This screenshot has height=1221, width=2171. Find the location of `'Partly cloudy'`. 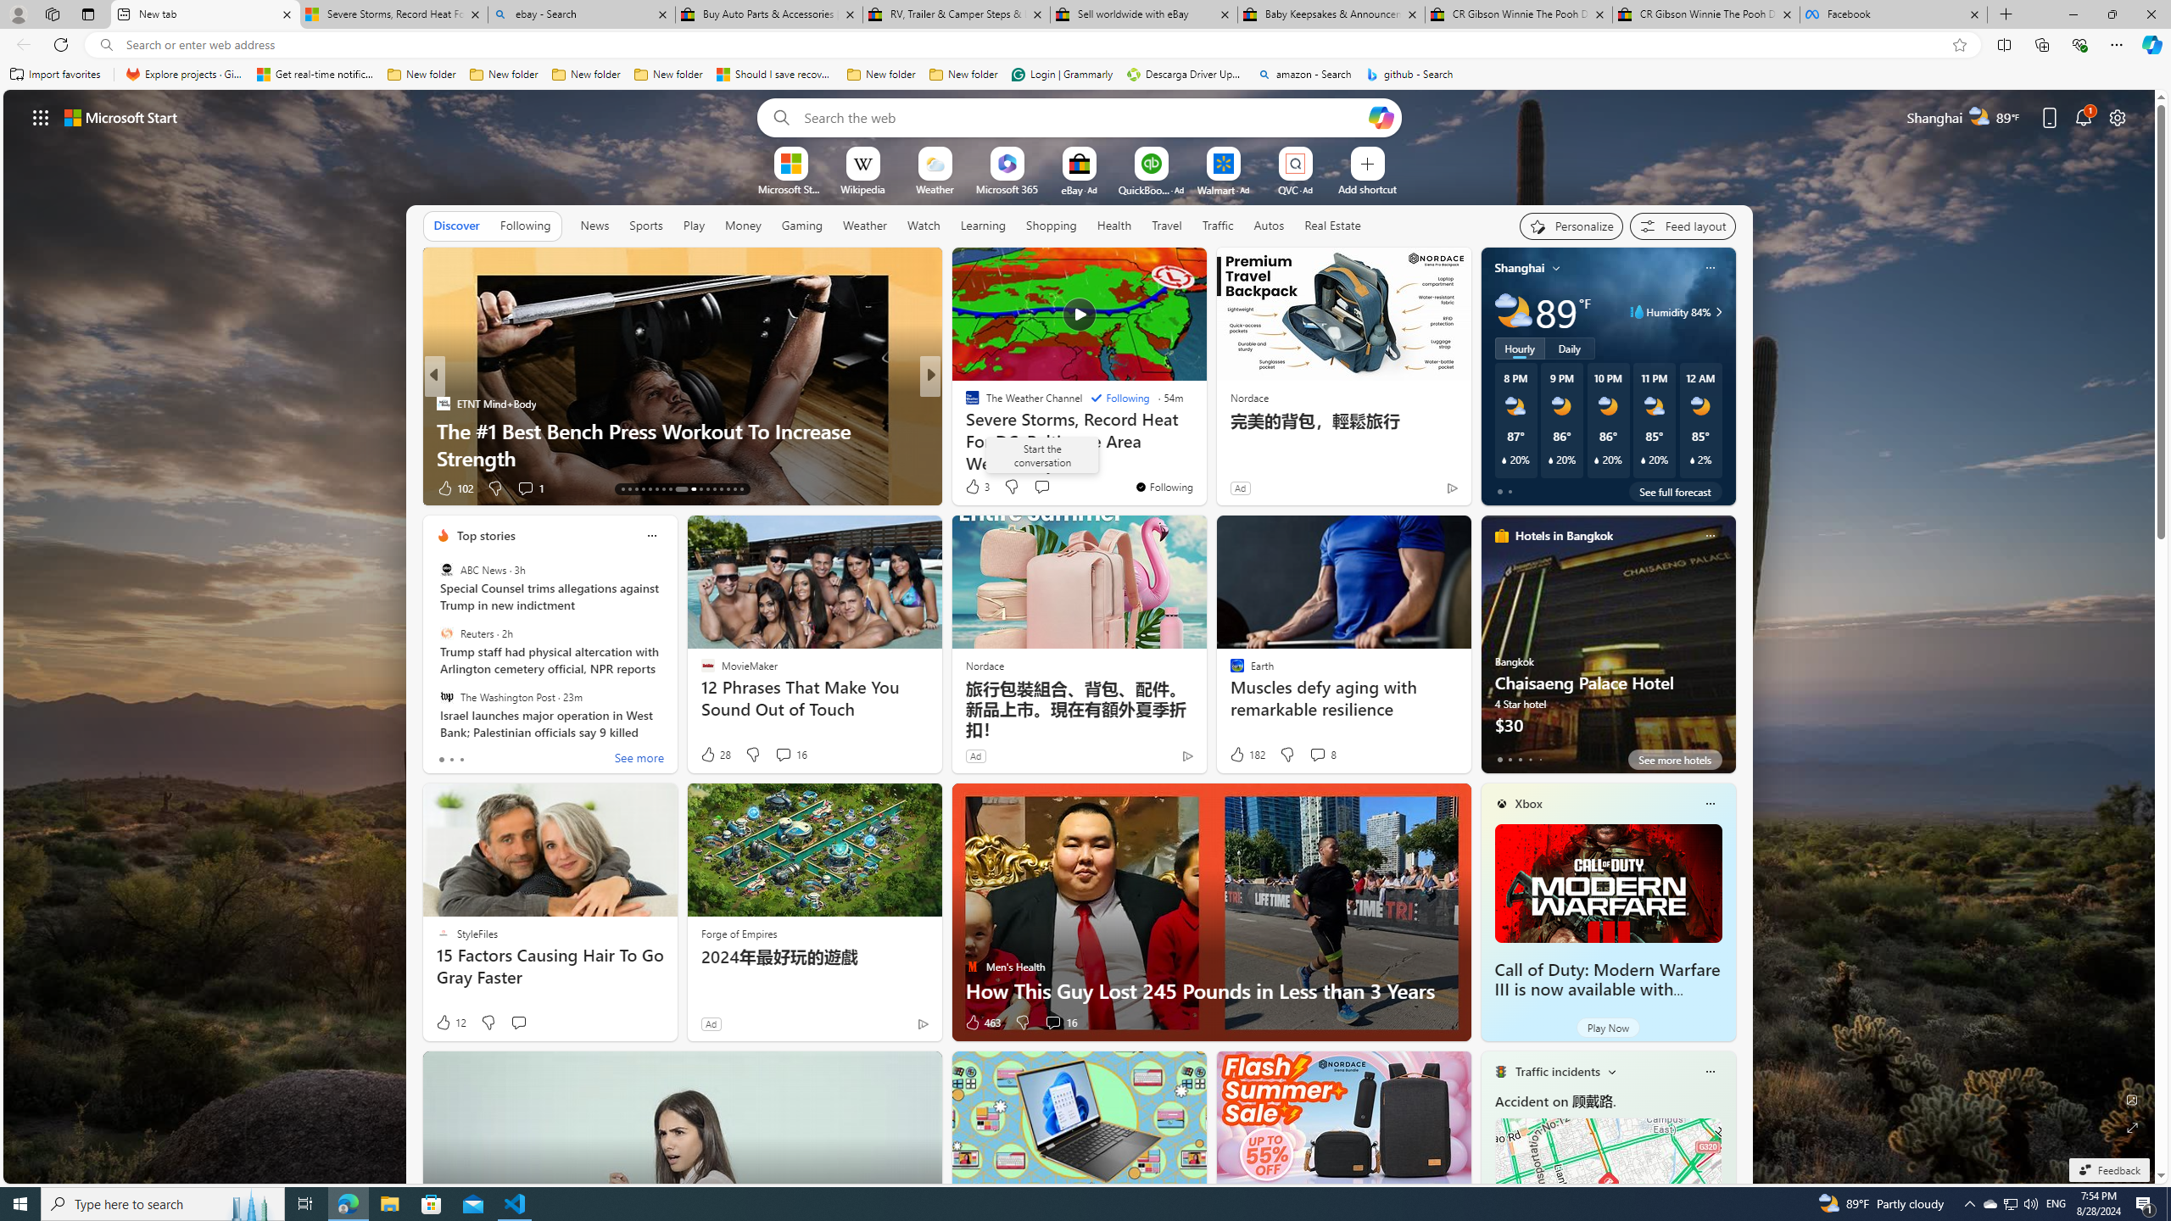

'Partly cloudy' is located at coordinates (1513, 311).